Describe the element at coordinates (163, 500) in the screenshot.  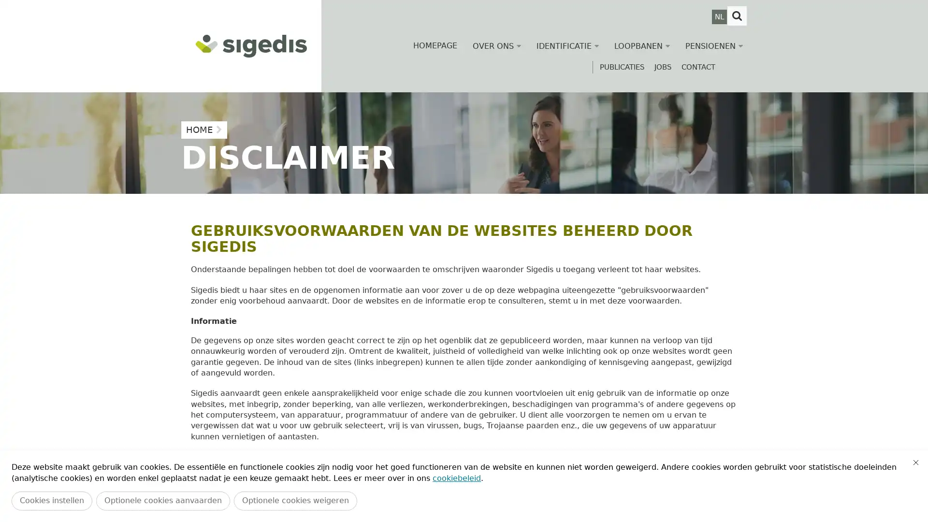
I see `Optionele cookies aanvaarden` at that location.